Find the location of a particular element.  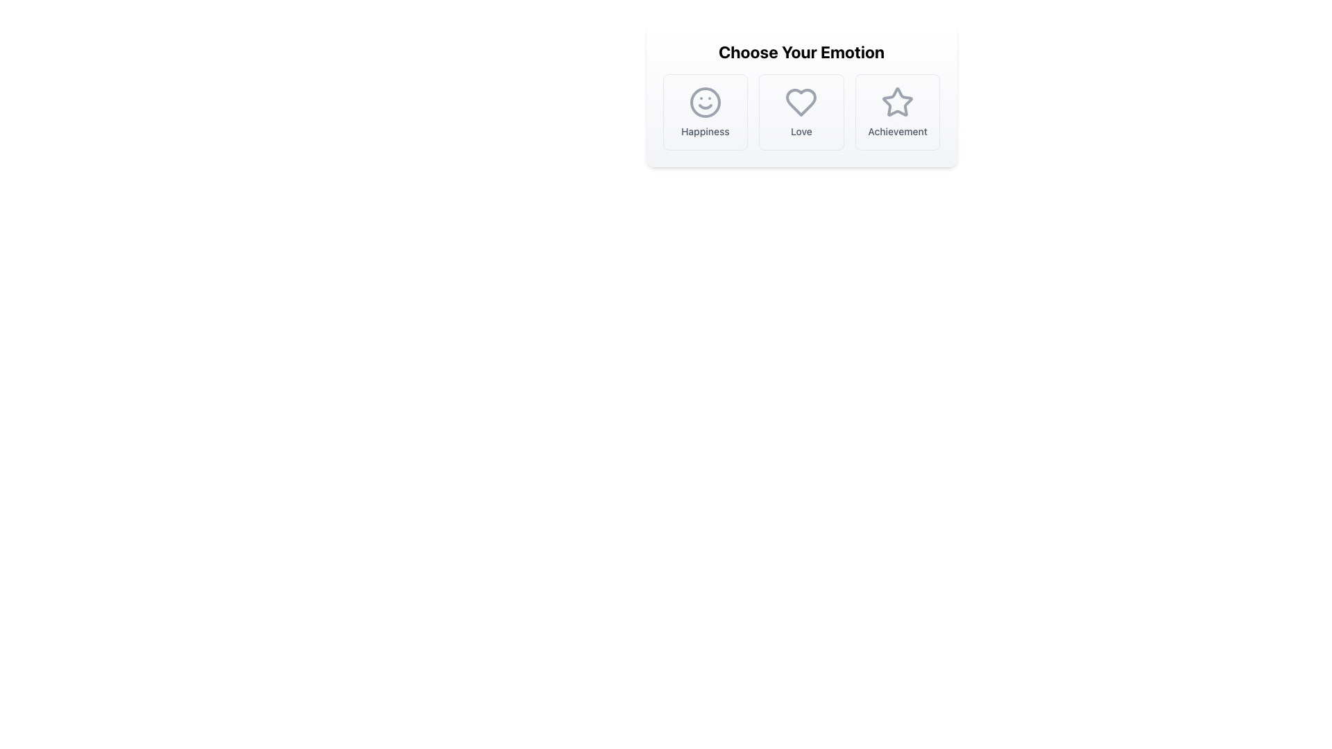

the text label displaying the word 'Love' that is positioned below the heart-shaped icon in the 'Choose Your Emotion' section is located at coordinates (801, 131).